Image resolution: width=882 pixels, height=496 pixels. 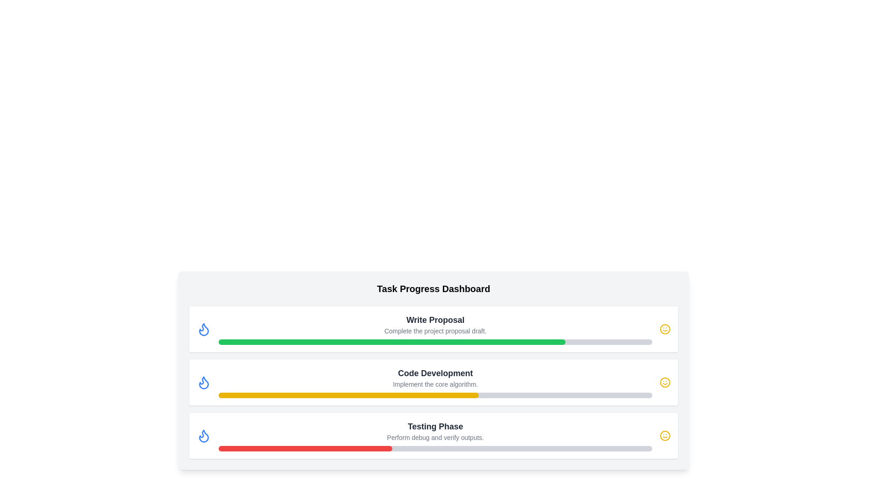 I want to click on the first task item in the 'Task Progress Dashboard' which displays the task name and description along with its progress indicator, so click(x=435, y=329).